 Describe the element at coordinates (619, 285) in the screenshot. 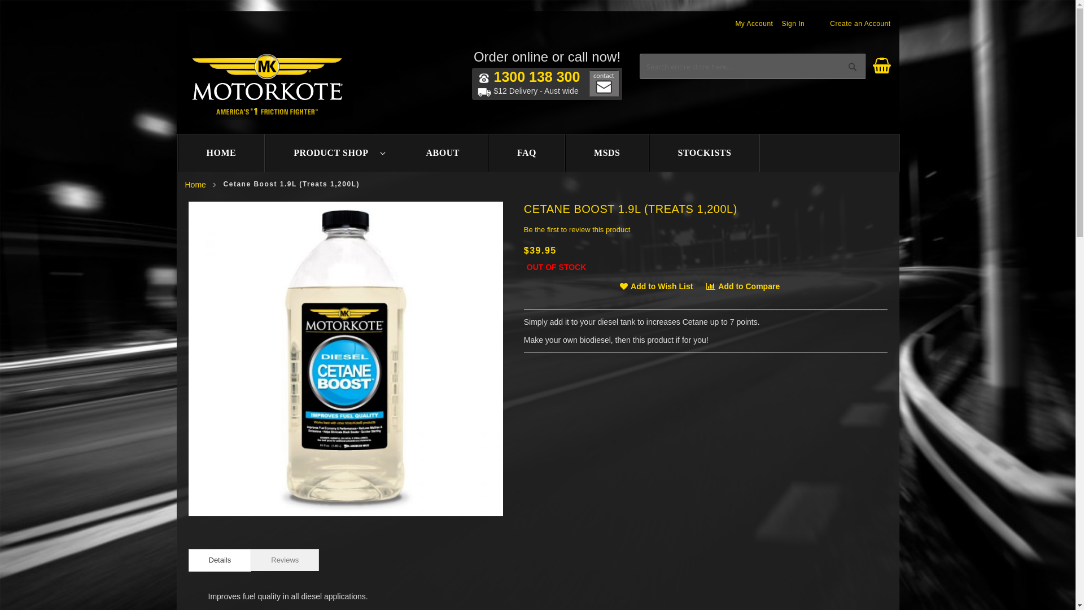

I see `'Add to Wish List'` at that location.